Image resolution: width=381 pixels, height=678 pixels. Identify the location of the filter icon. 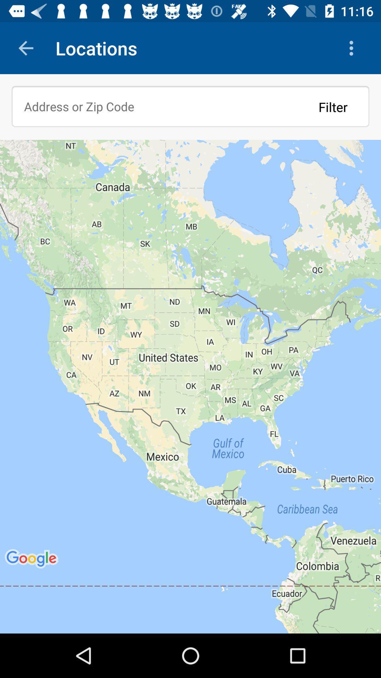
(333, 106).